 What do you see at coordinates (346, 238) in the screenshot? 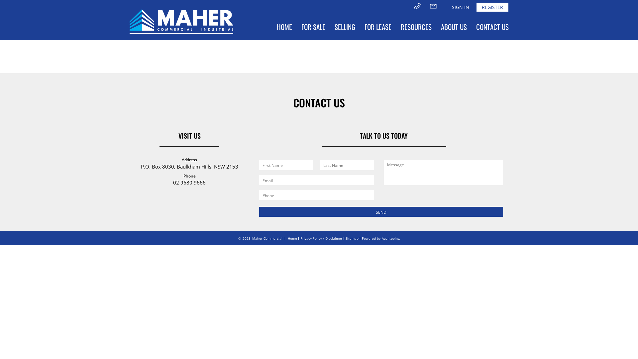
I see `'Sitemap'` at bounding box center [346, 238].